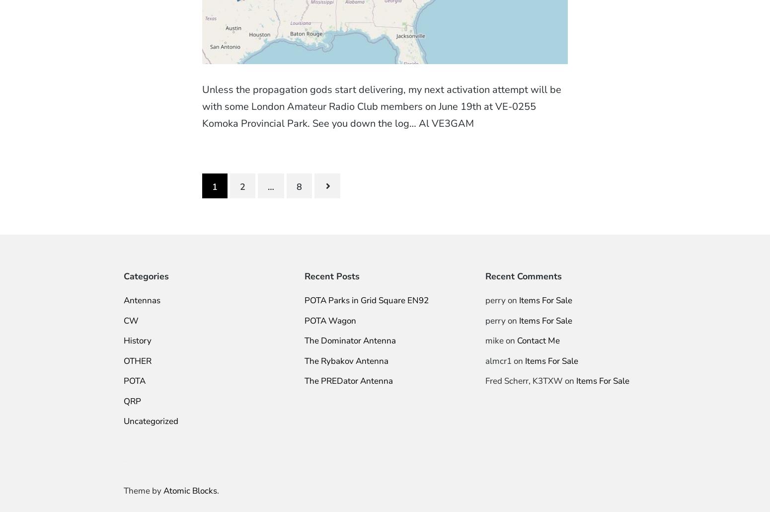 The width and height of the screenshot is (770, 512). I want to click on 'POTA', so click(134, 381).